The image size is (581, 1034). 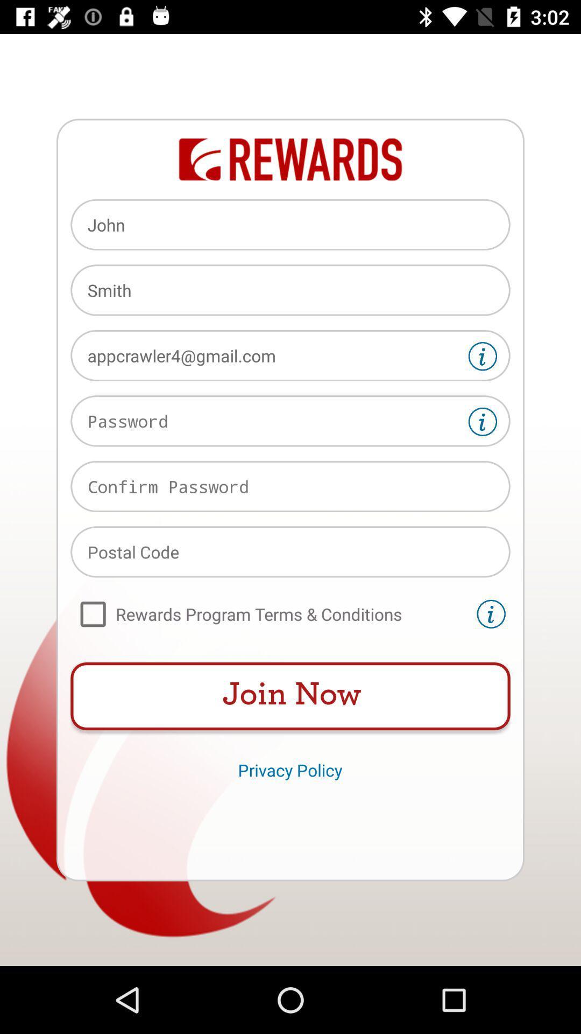 What do you see at coordinates (289, 769) in the screenshot?
I see `icon below the join now` at bounding box center [289, 769].